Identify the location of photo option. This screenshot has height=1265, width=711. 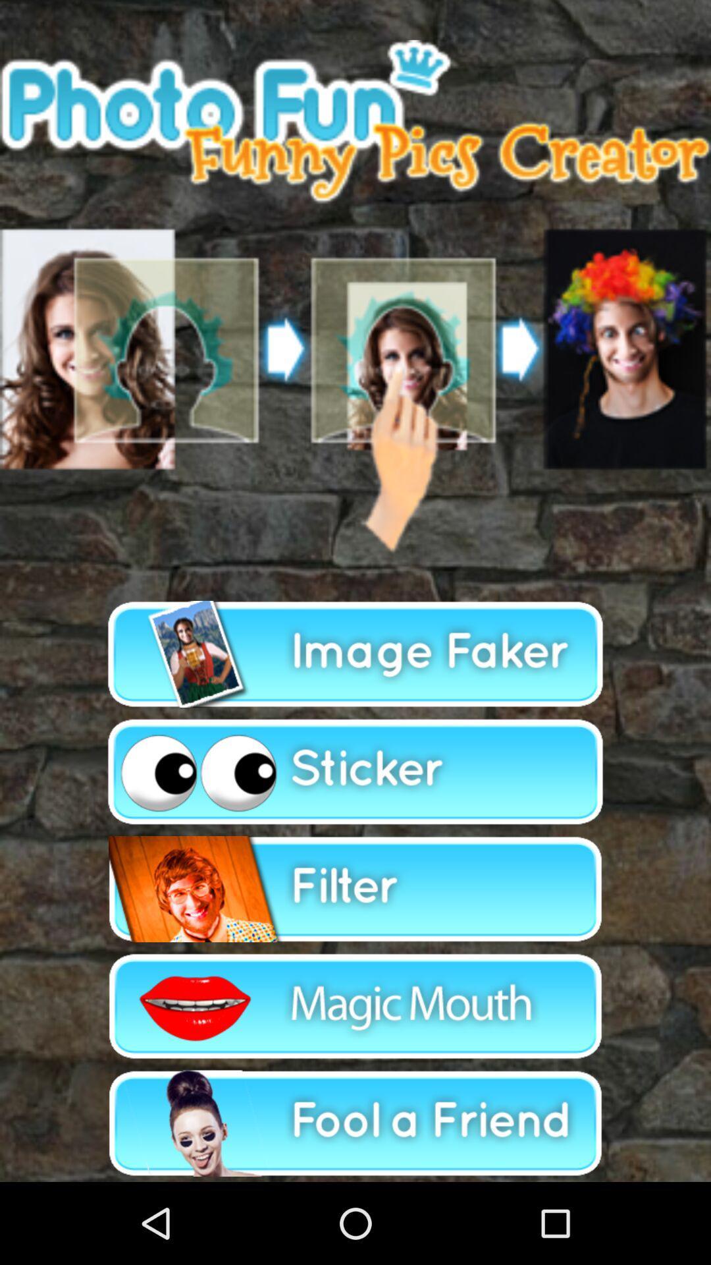
(355, 296).